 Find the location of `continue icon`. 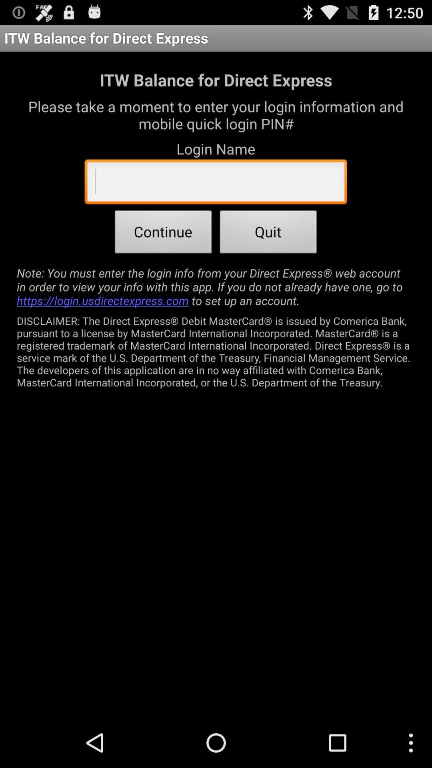

continue icon is located at coordinates (163, 234).